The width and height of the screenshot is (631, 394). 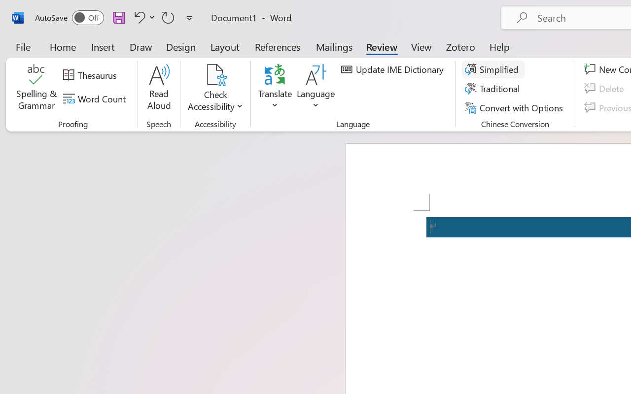 I want to click on 'Thesaurus...', so click(x=91, y=75).